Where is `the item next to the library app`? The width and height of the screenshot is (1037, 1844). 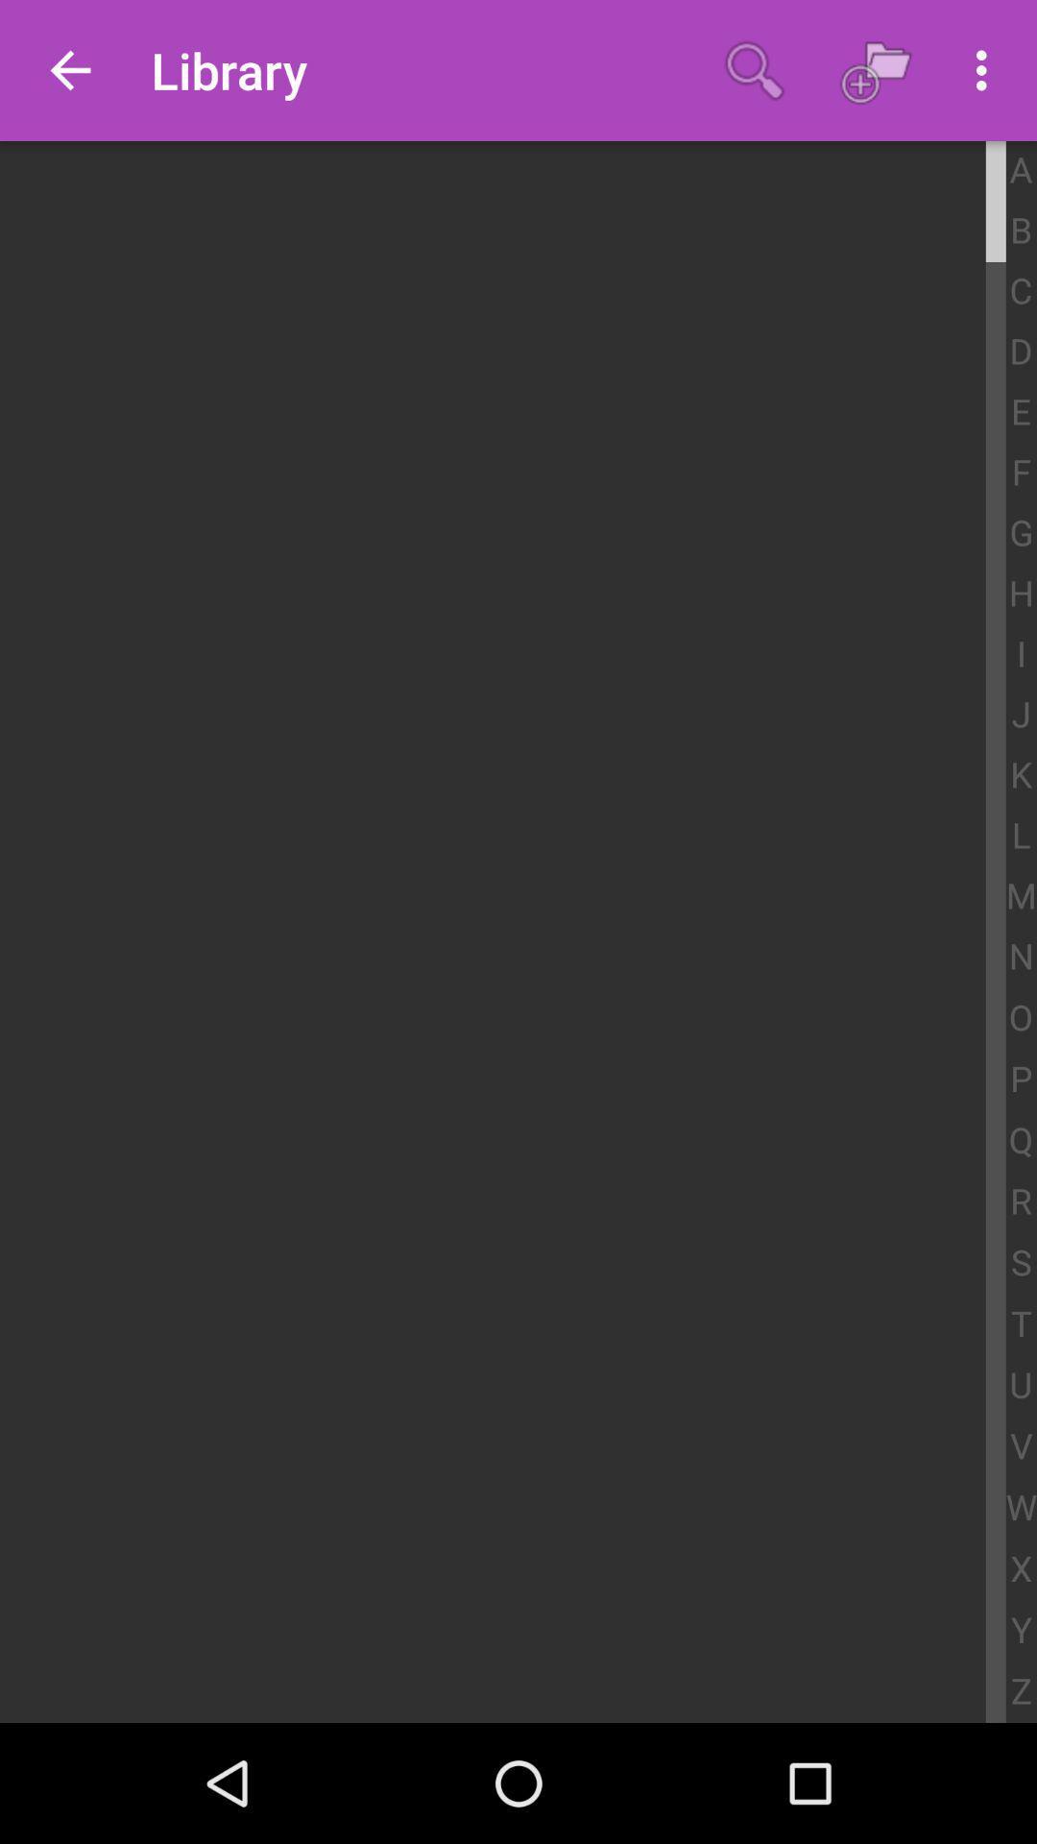
the item next to the library app is located at coordinates (69, 70).